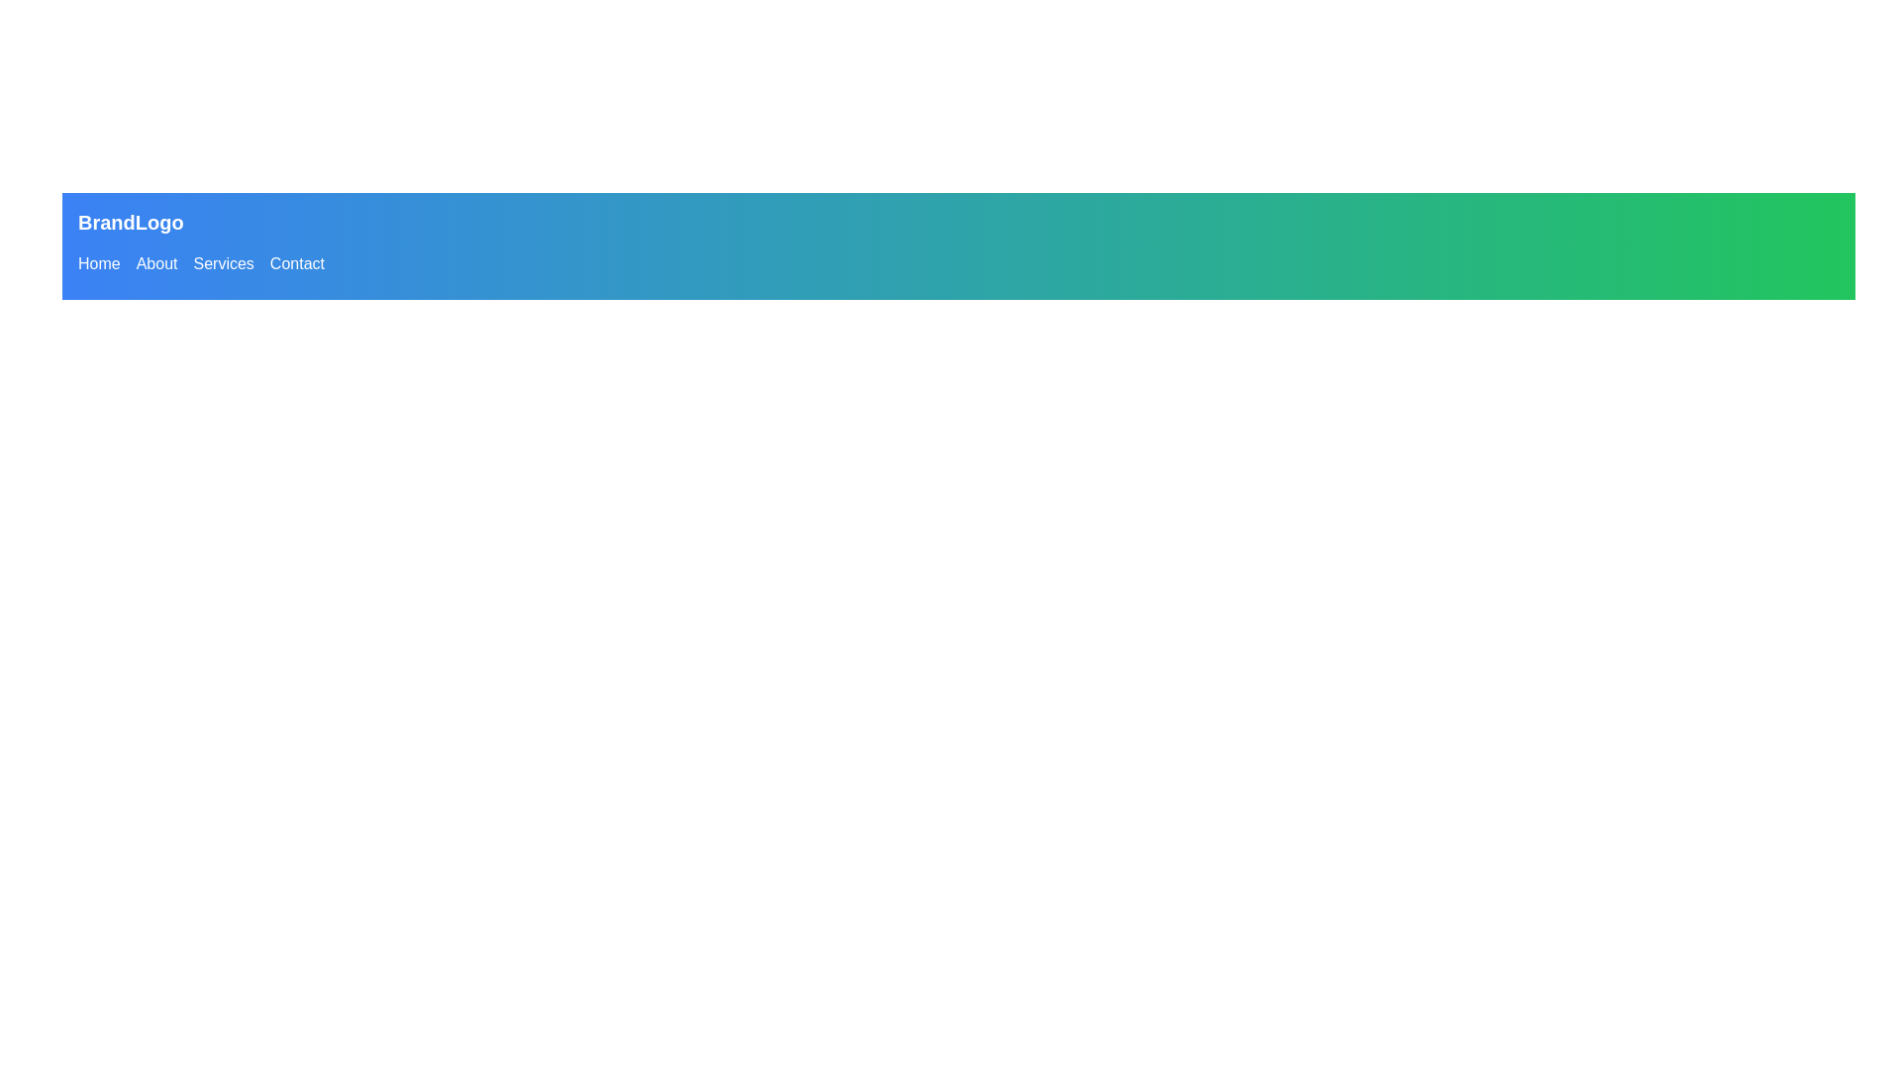  I want to click on the second navigation link in the horizontal navigation bar, so click(155, 262).